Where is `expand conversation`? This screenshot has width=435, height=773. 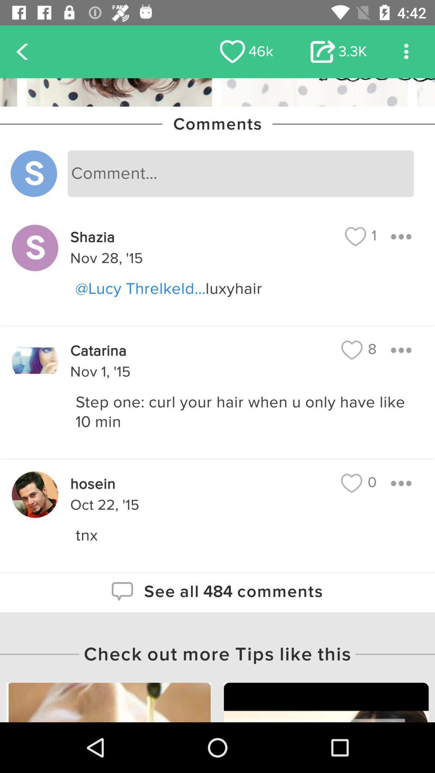
expand conversation is located at coordinates (401, 483).